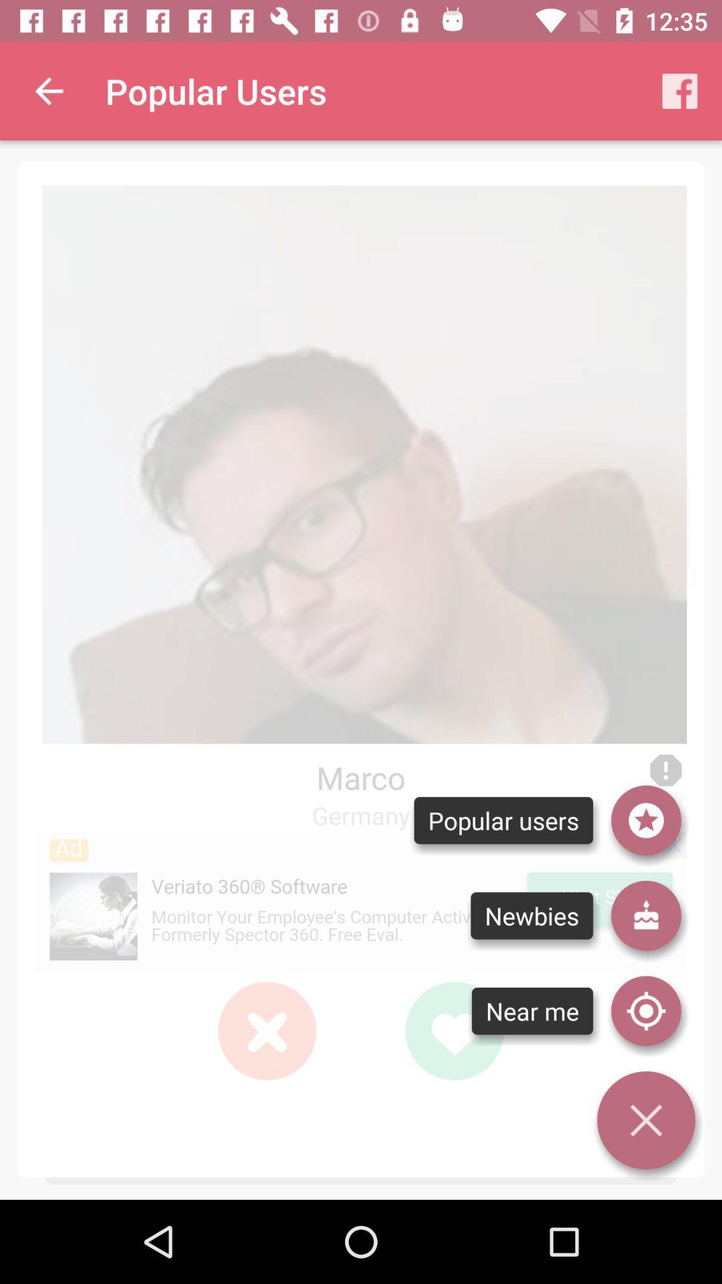  I want to click on the gift icon, so click(645, 915).